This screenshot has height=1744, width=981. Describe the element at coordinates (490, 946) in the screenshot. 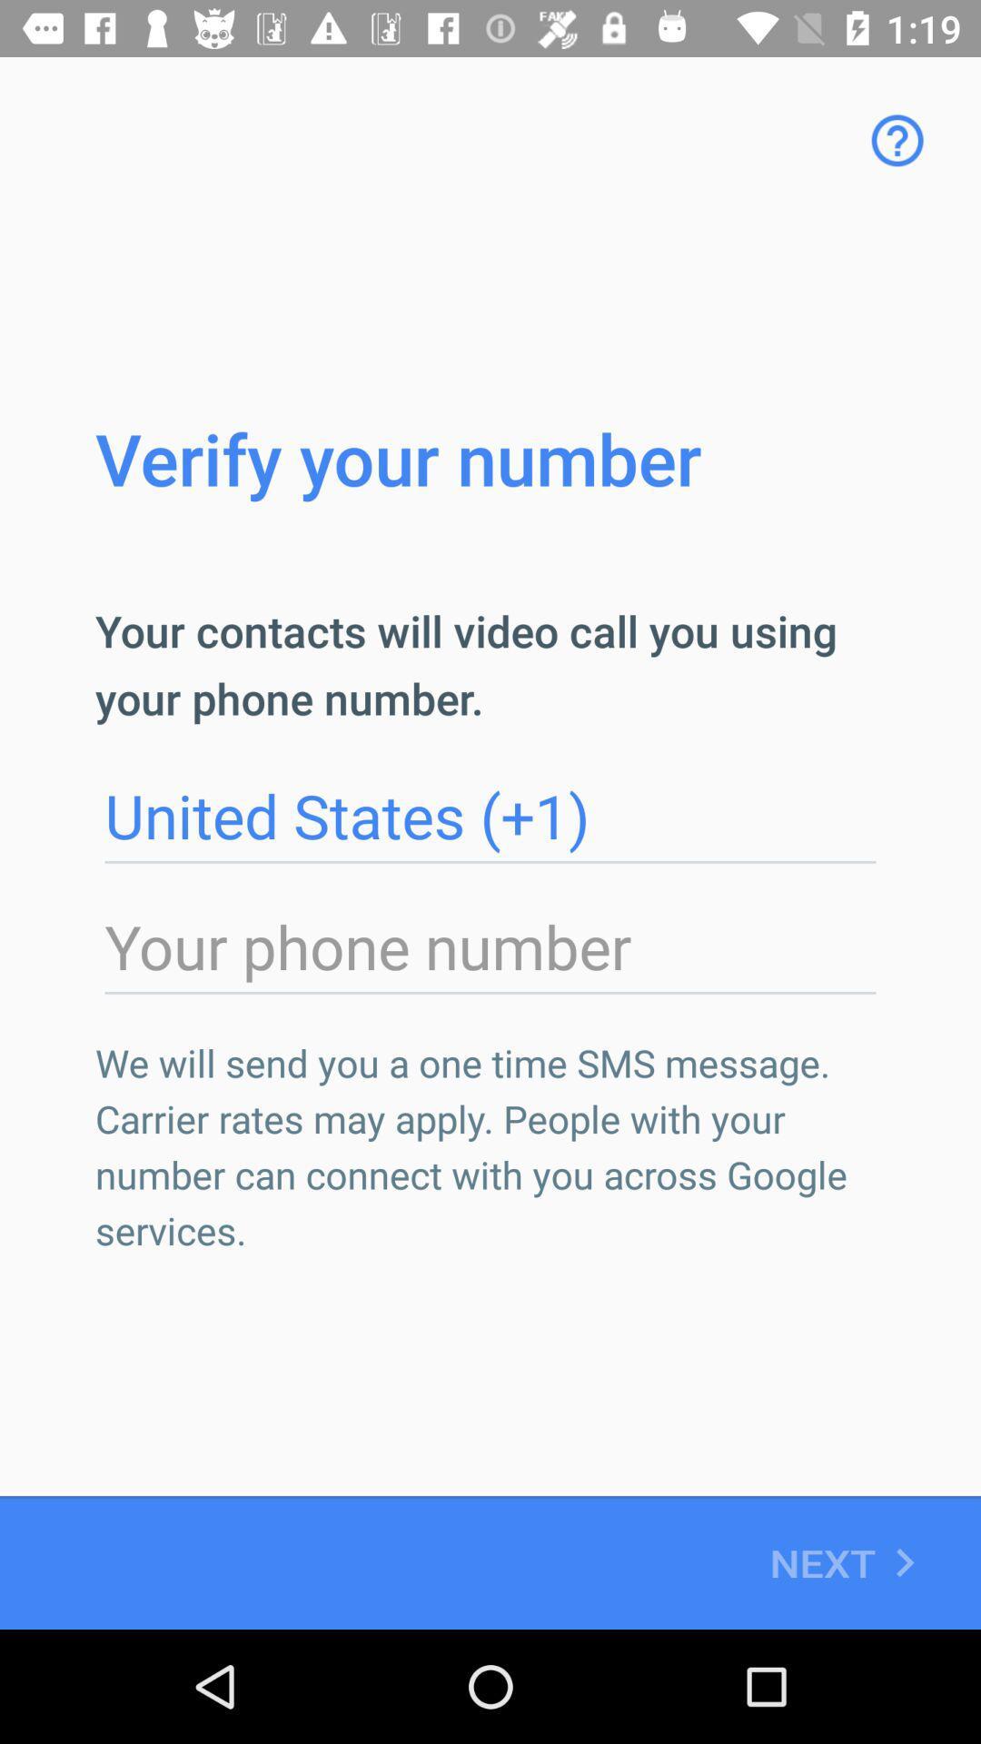

I see `or edit phone number` at that location.